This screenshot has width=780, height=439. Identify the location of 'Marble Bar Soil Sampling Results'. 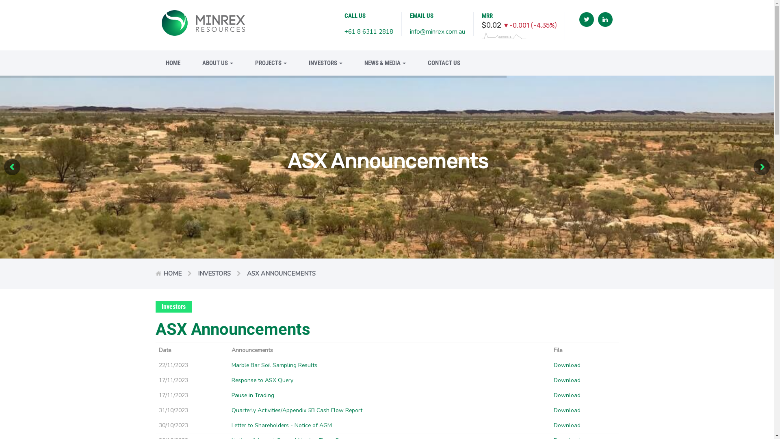
(274, 365).